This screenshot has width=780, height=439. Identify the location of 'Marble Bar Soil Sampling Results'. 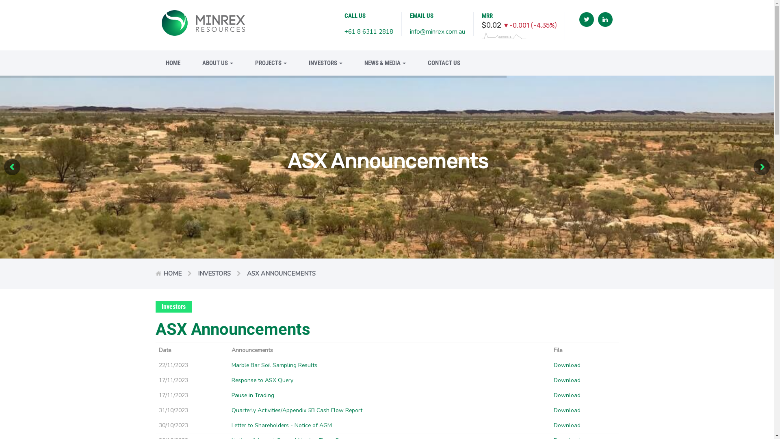
(274, 365).